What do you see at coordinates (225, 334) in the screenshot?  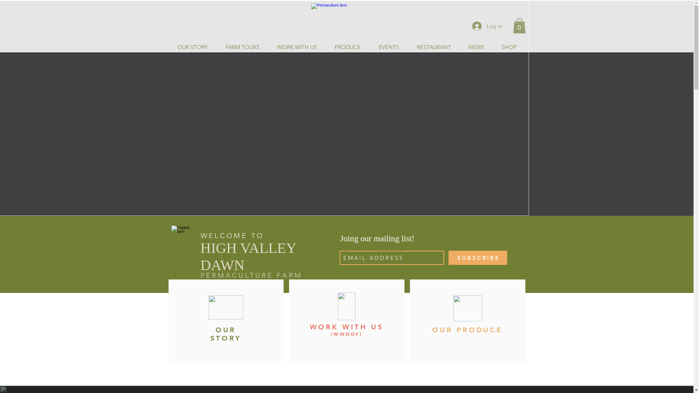 I see `'OUR STORY'` at bounding box center [225, 334].